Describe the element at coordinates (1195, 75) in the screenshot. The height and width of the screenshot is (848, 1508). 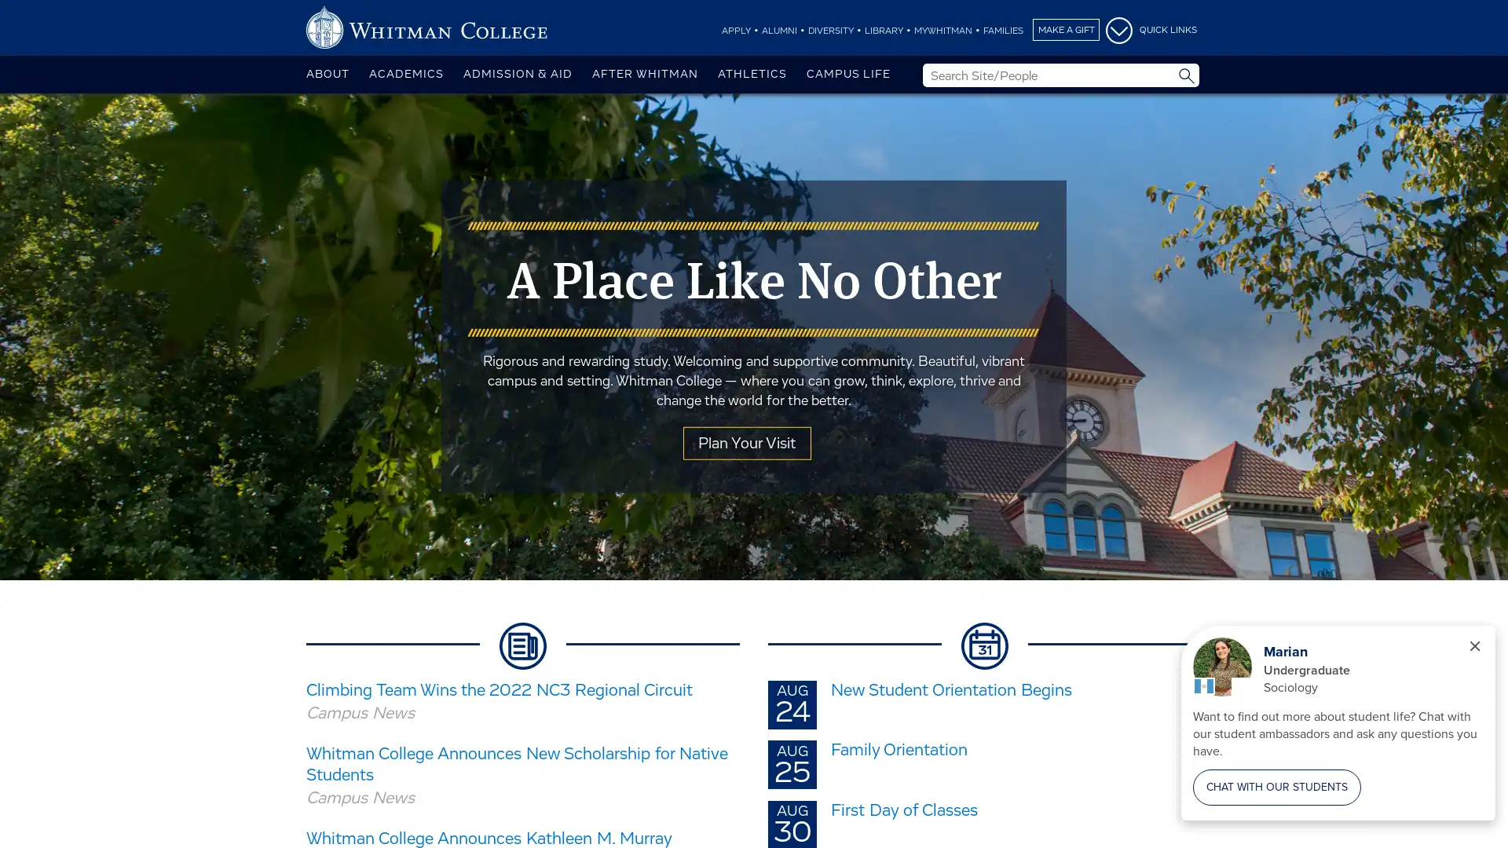
I see `Site` at that location.